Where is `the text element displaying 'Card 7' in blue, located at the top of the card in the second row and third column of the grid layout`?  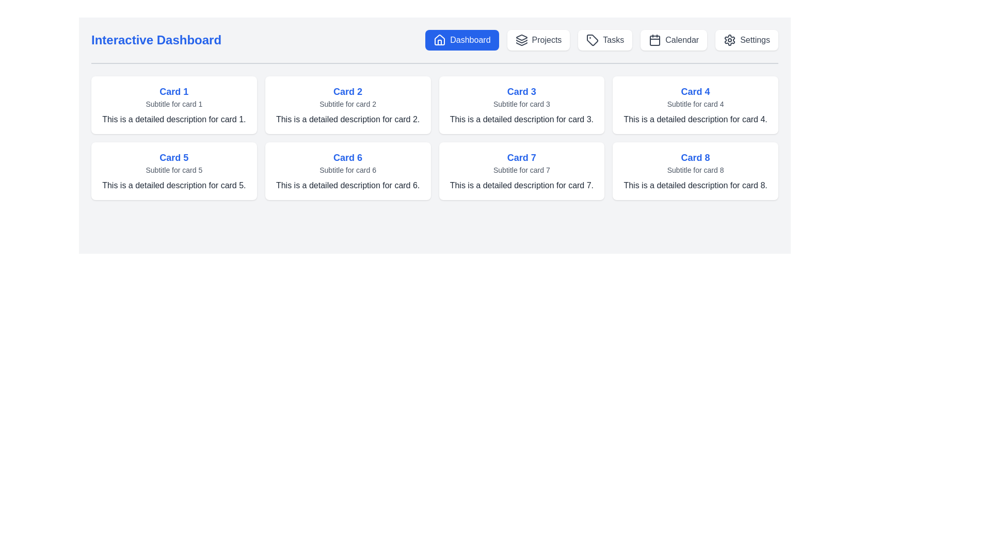 the text element displaying 'Card 7' in blue, located at the top of the card in the second row and third column of the grid layout is located at coordinates (521, 157).